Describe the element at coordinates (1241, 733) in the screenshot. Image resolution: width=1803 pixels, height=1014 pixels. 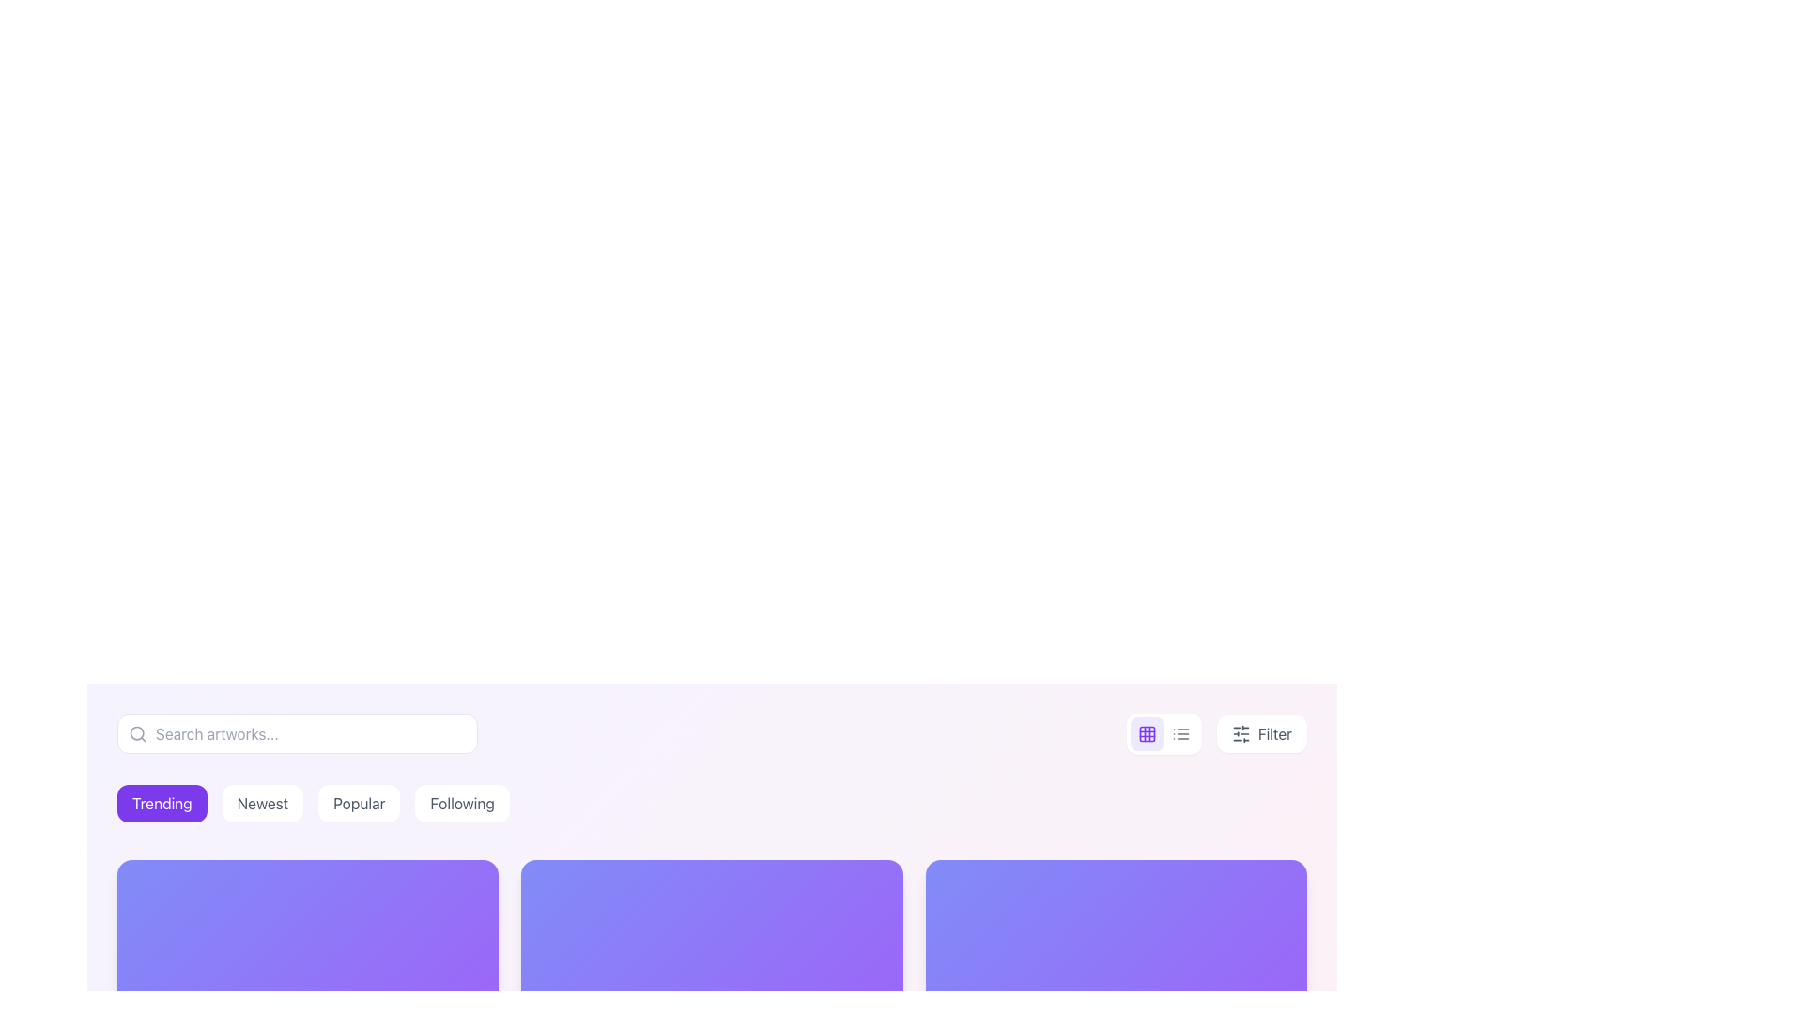
I see `the settings adjustment icon, which is part of the 'Filter' button located in the top-right corner of the interface` at that location.